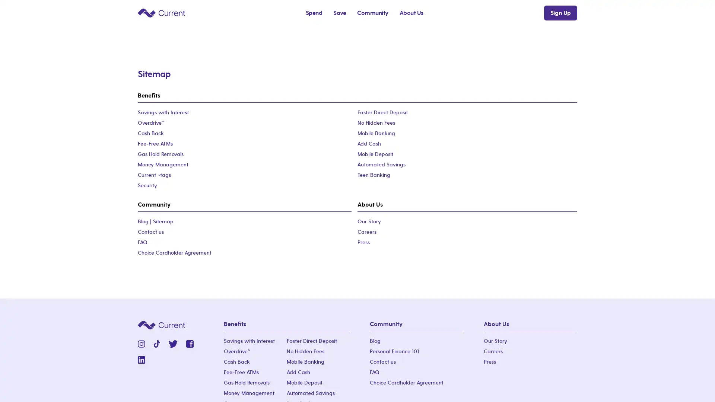 This screenshot has height=402, width=715. I want to click on Automated Savings, so click(310, 393).